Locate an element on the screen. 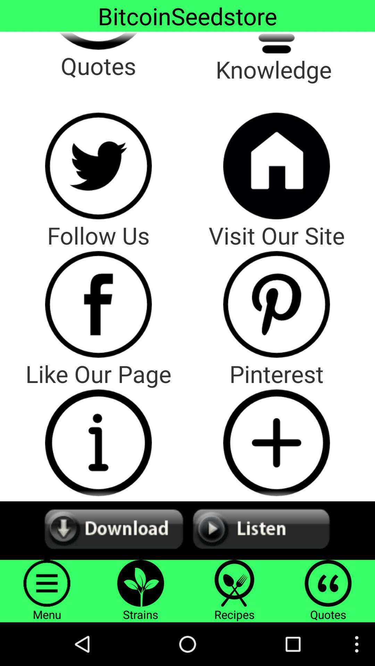  like the page is located at coordinates (98, 442).